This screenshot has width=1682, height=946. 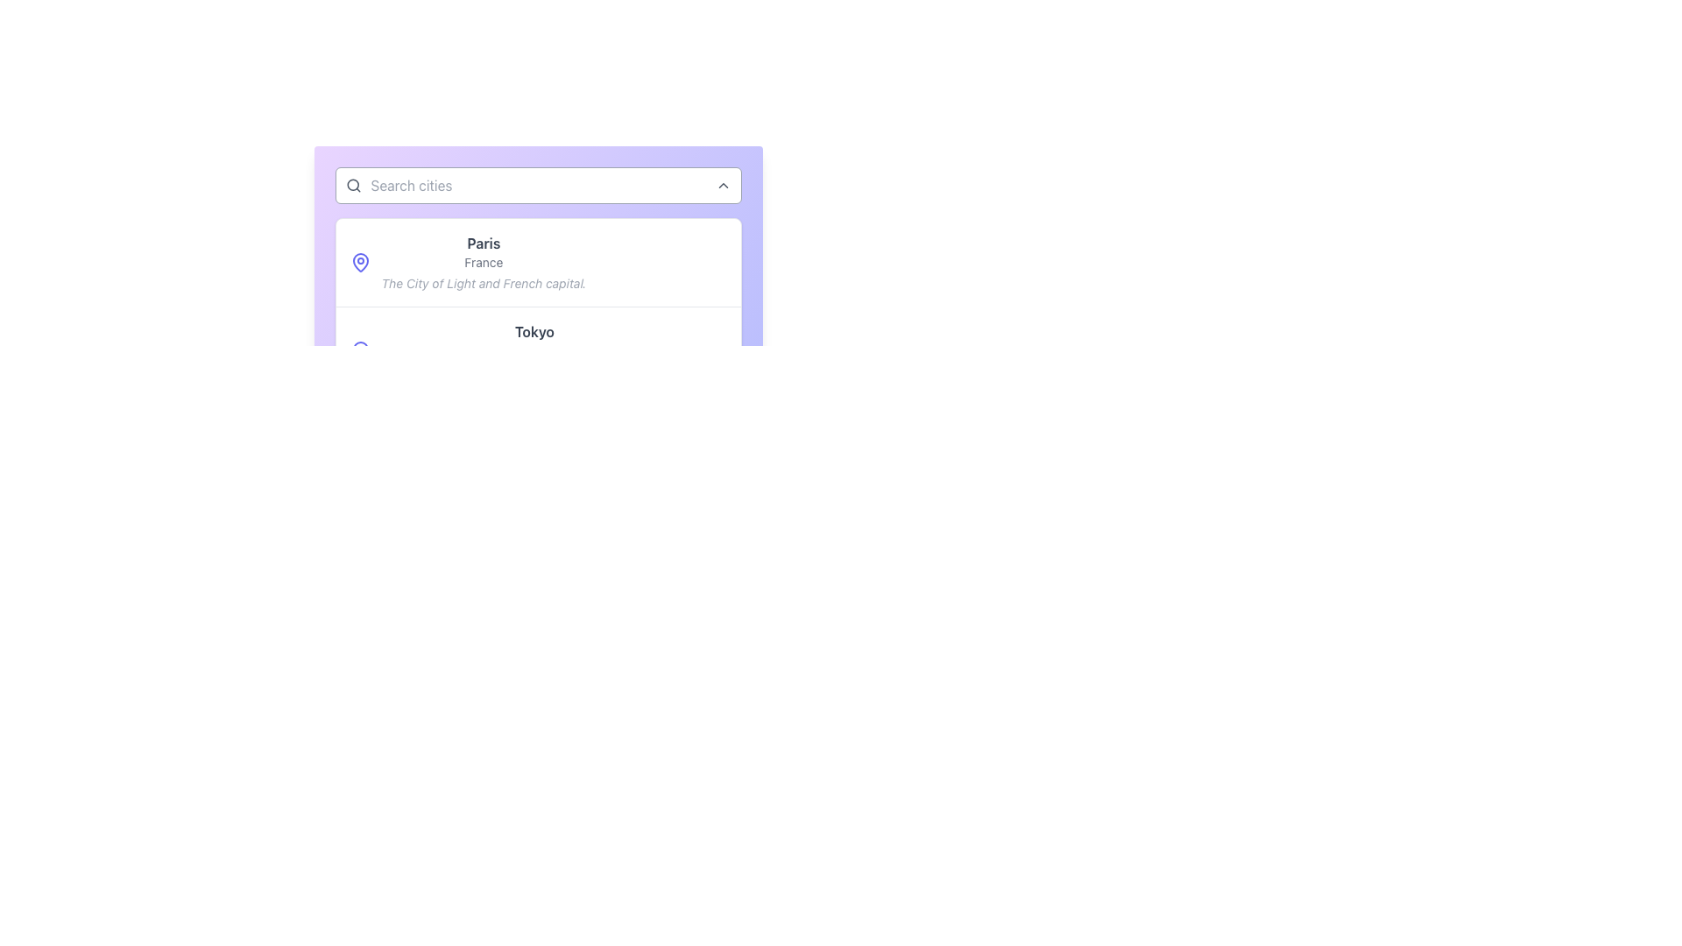 I want to click on the text block element that displays 'Paris', 'France', and 'The City of Light and French capital.', so click(x=484, y=263).